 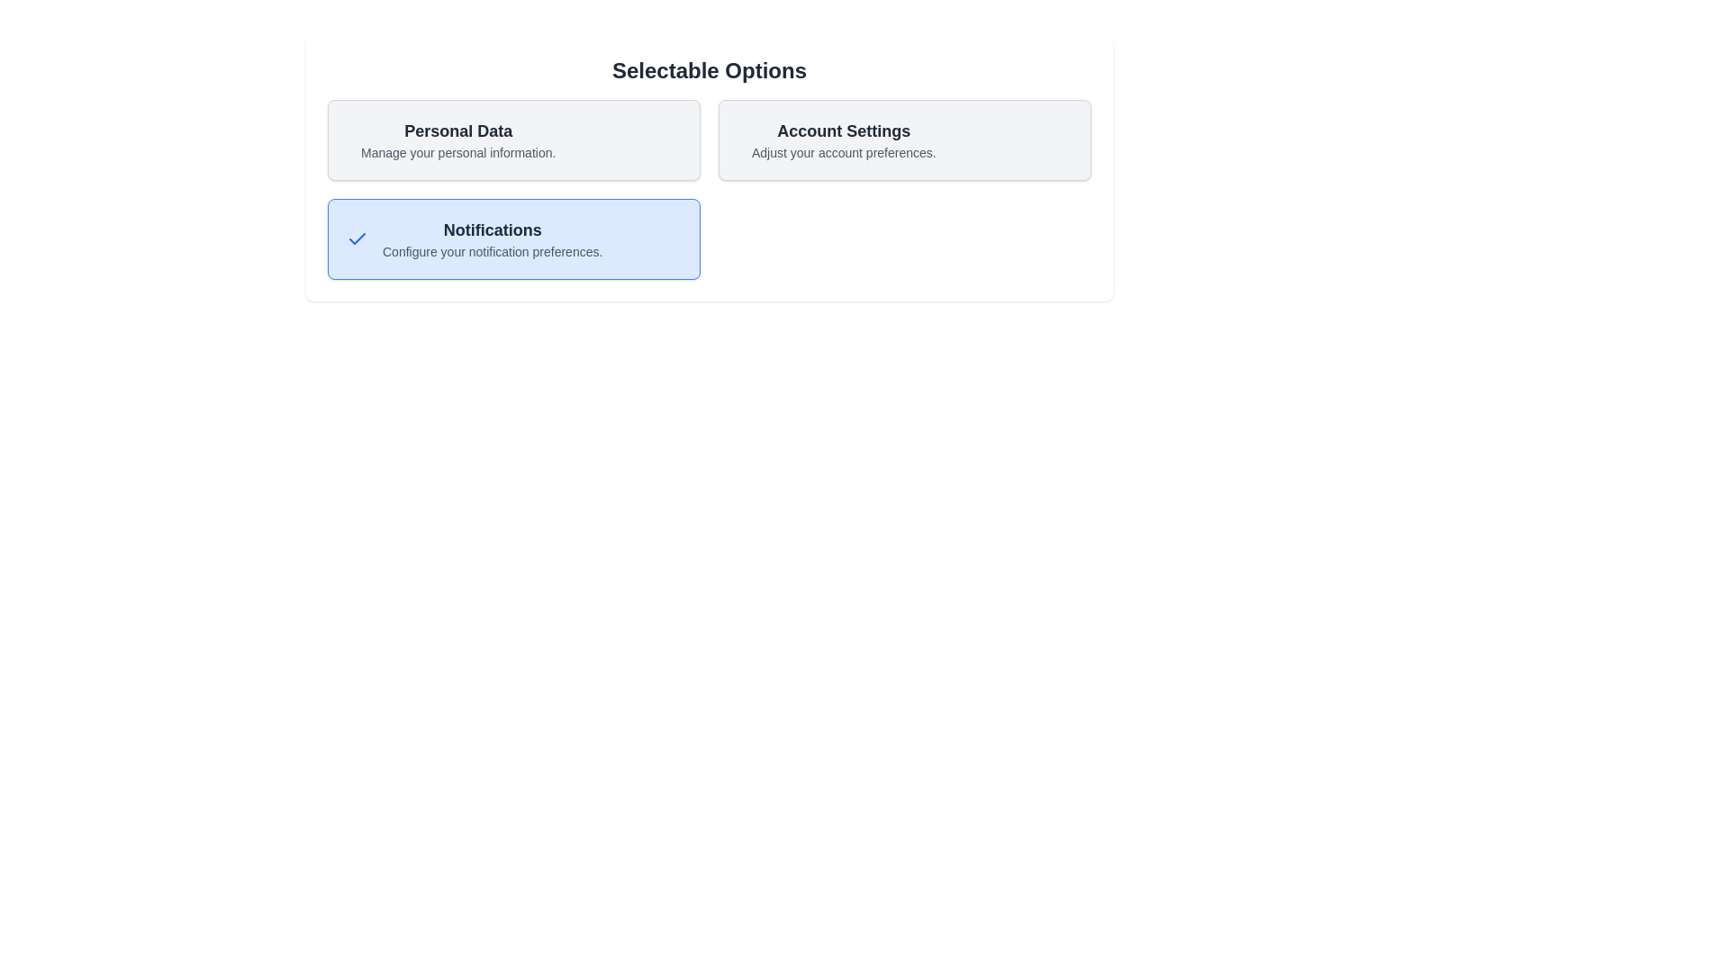 I want to click on the static text element that contains the message 'Configure your notification preferences.' which is positioned below the 'Notifications' header in a highlighted selectable section, so click(x=493, y=252).